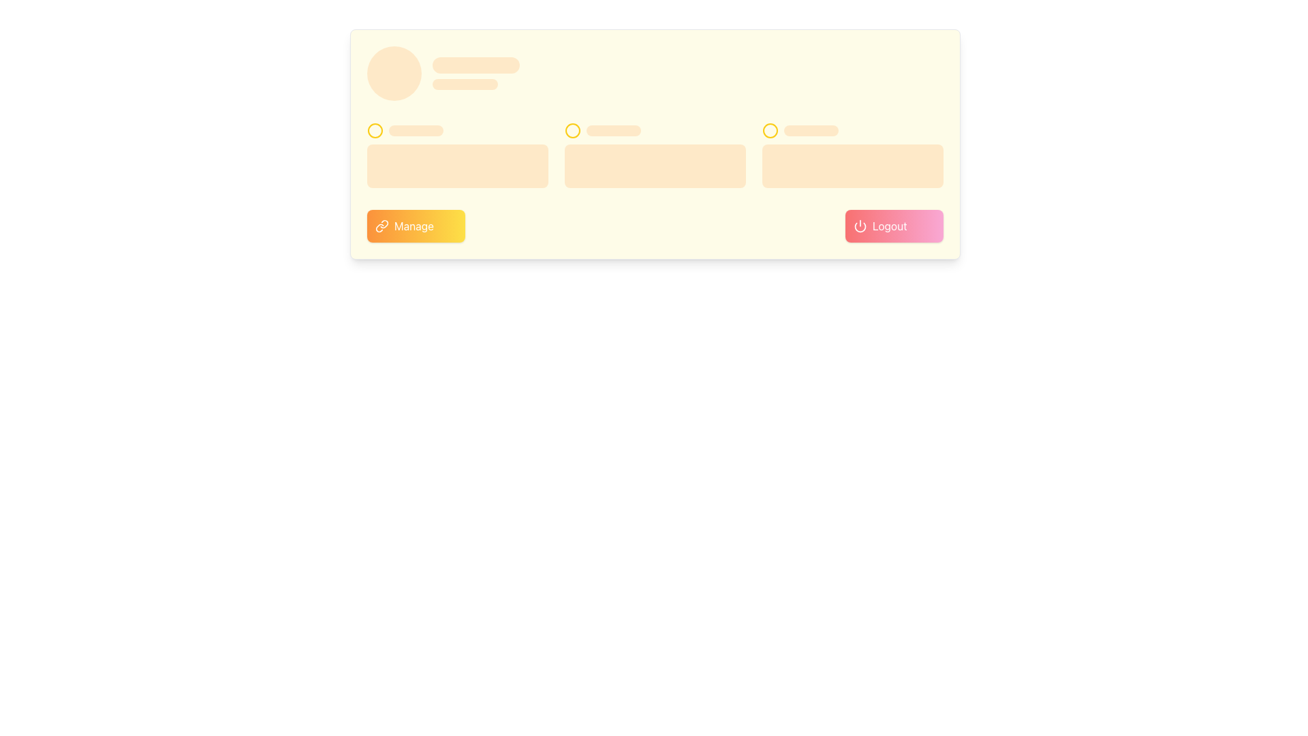 The height and width of the screenshot is (736, 1308). Describe the element at coordinates (894, 225) in the screenshot. I see `the logout button located on the rightmost side of the interface, aligned horizontally with the 'Manage' button` at that location.